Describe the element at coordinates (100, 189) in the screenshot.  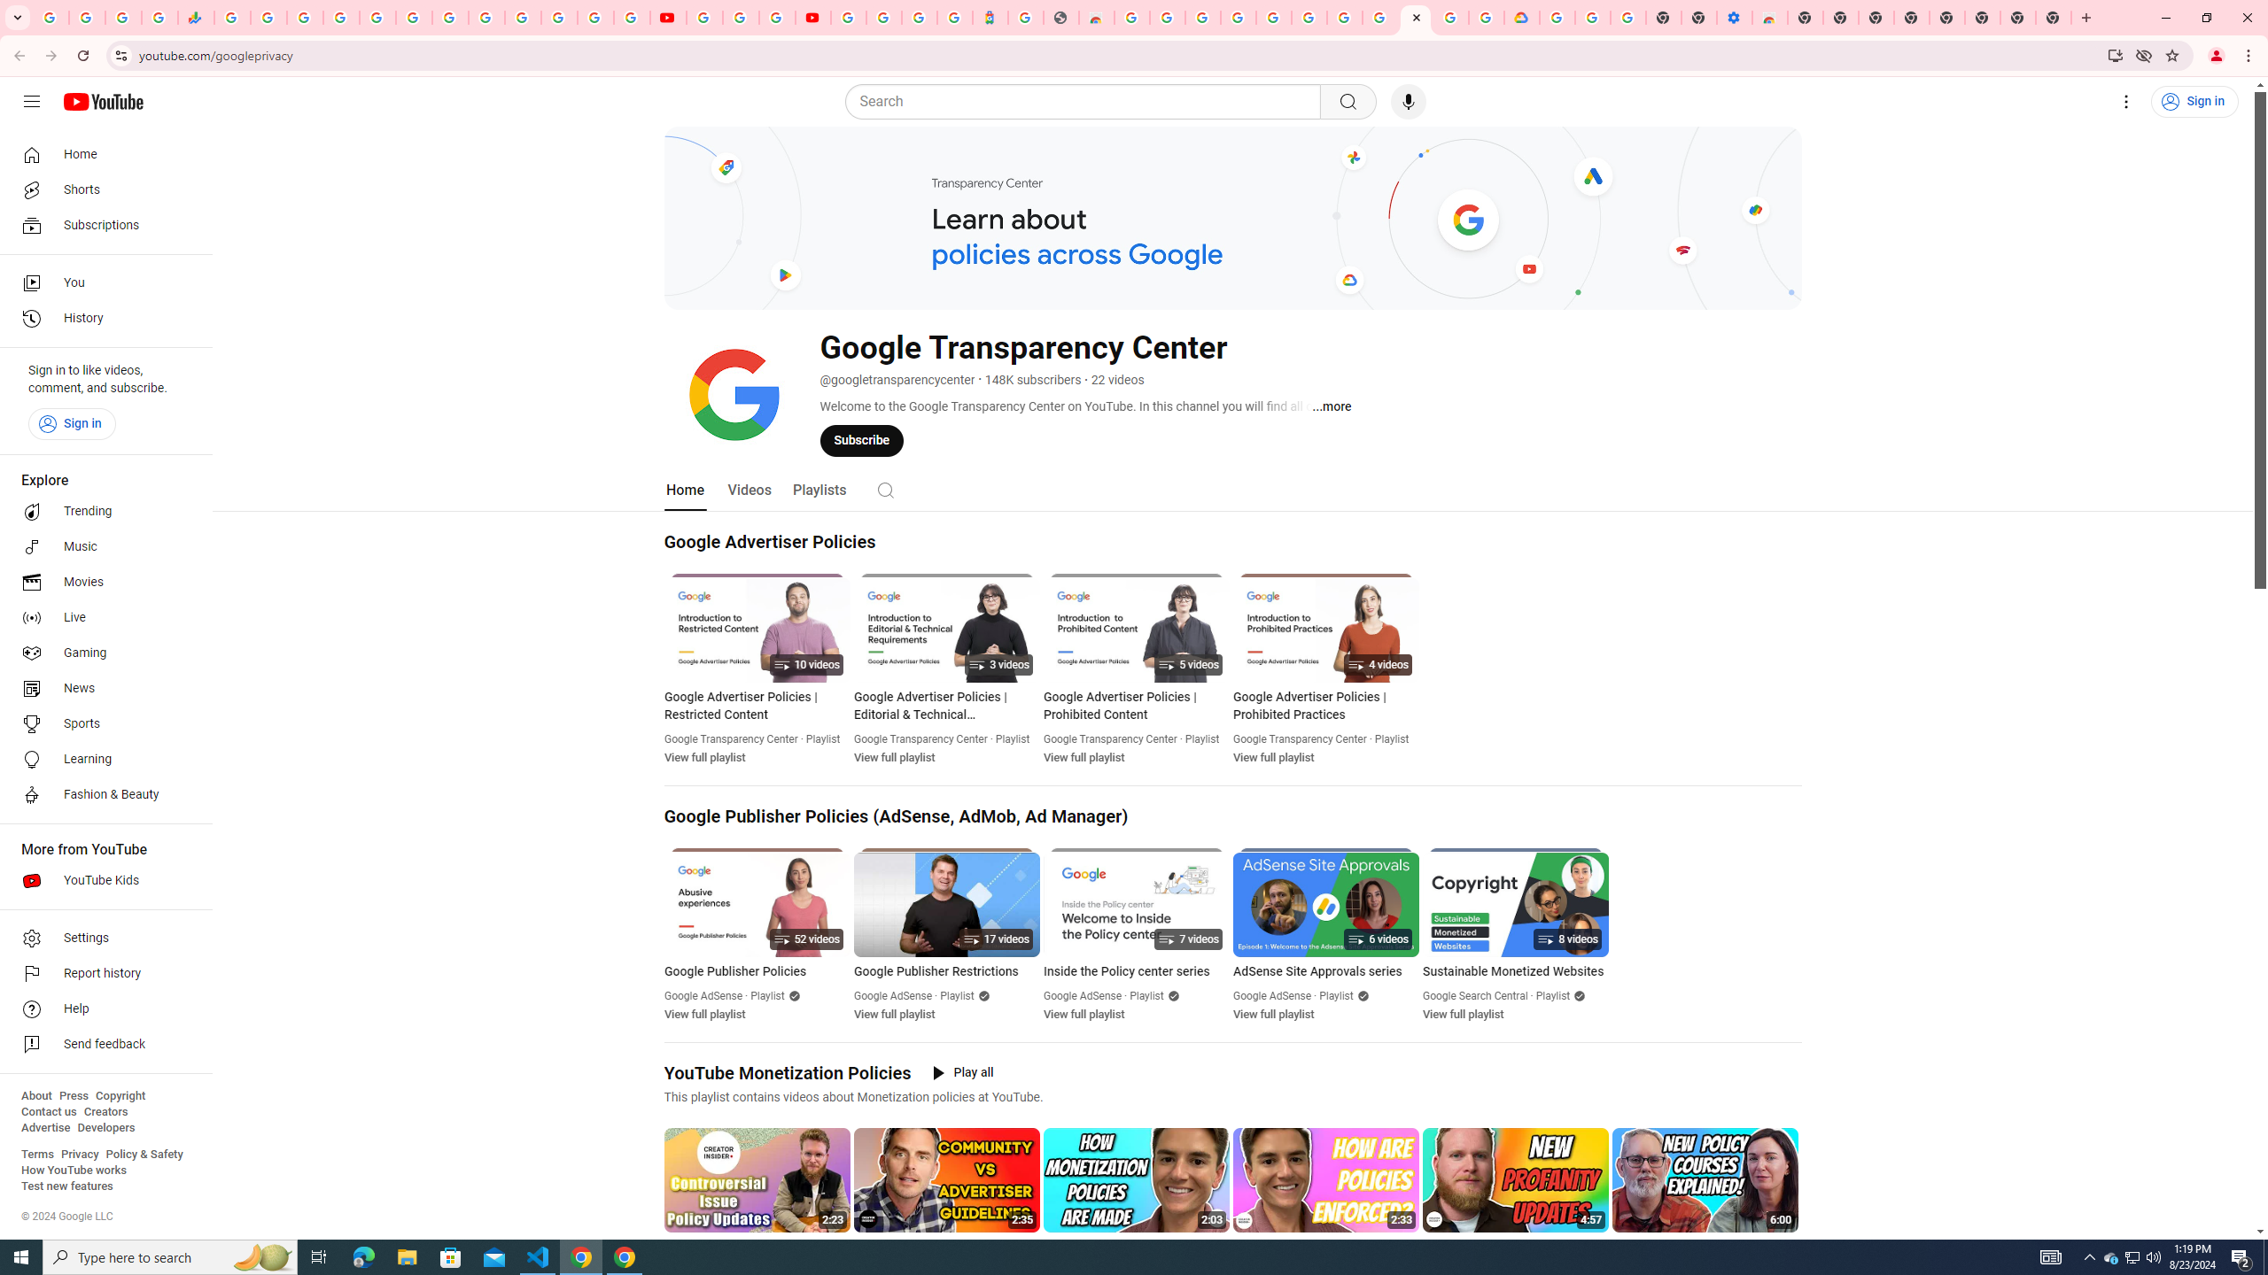
I see `'Shorts'` at that location.